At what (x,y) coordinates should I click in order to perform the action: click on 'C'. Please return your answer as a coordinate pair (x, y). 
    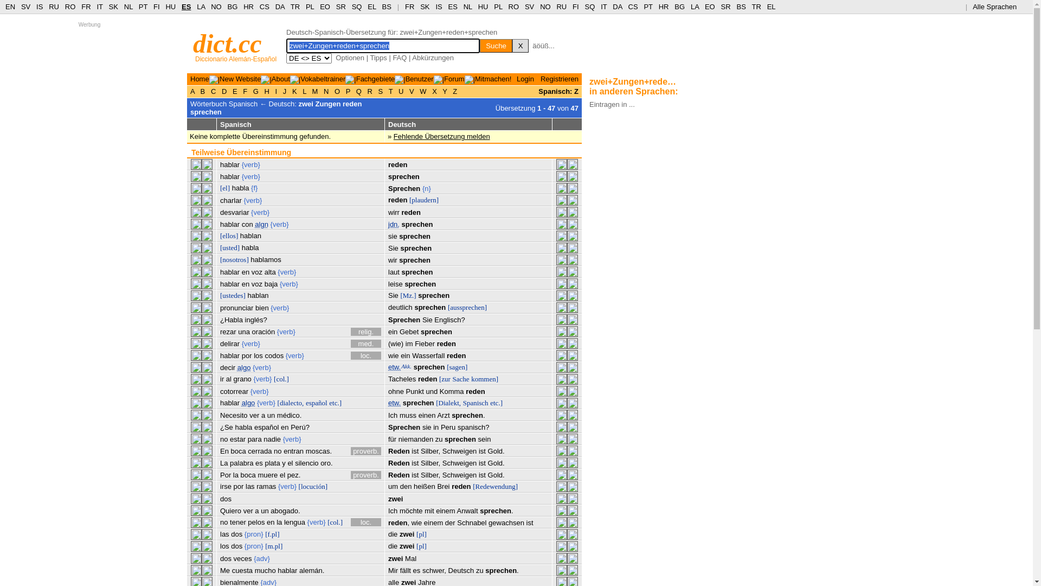
    Looking at the image, I should click on (208, 91).